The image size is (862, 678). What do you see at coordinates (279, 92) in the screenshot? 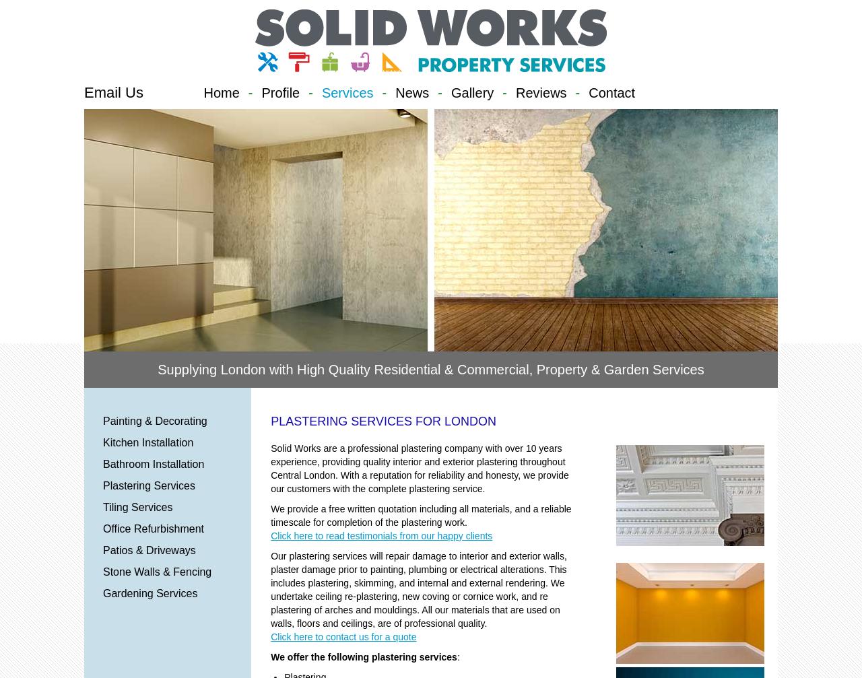
I see `'Profile'` at bounding box center [279, 92].